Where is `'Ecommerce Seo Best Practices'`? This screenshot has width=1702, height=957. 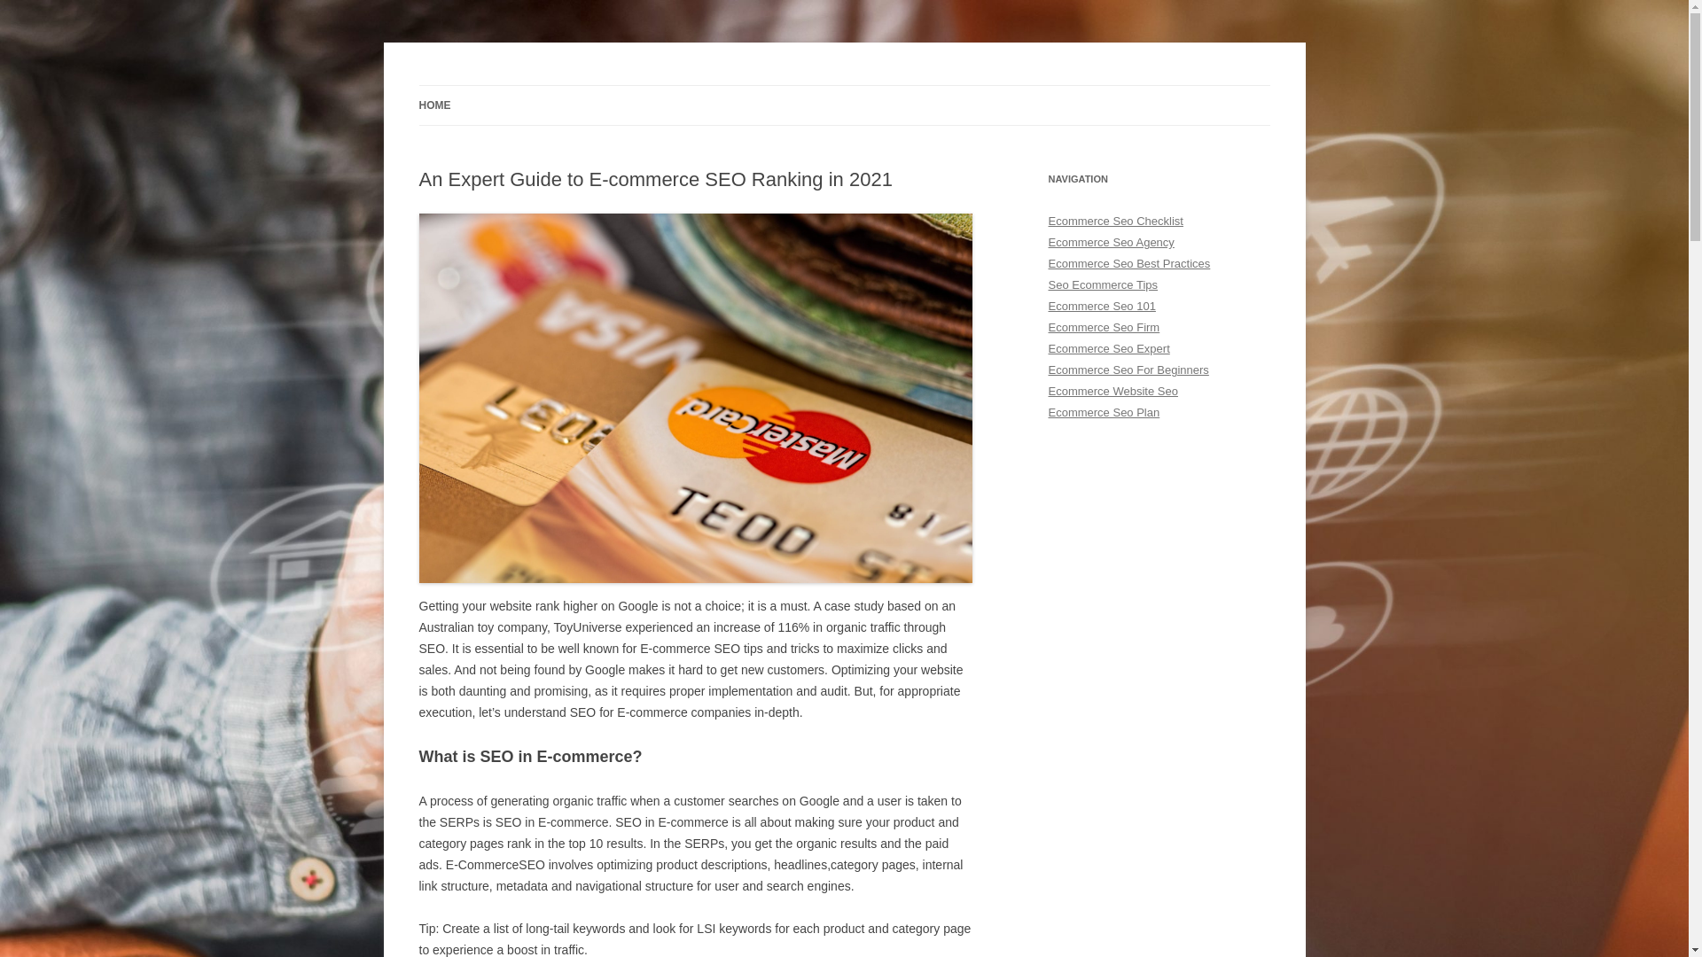
'Ecommerce Seo Best Practices' is located at coordinates (1128, 263).